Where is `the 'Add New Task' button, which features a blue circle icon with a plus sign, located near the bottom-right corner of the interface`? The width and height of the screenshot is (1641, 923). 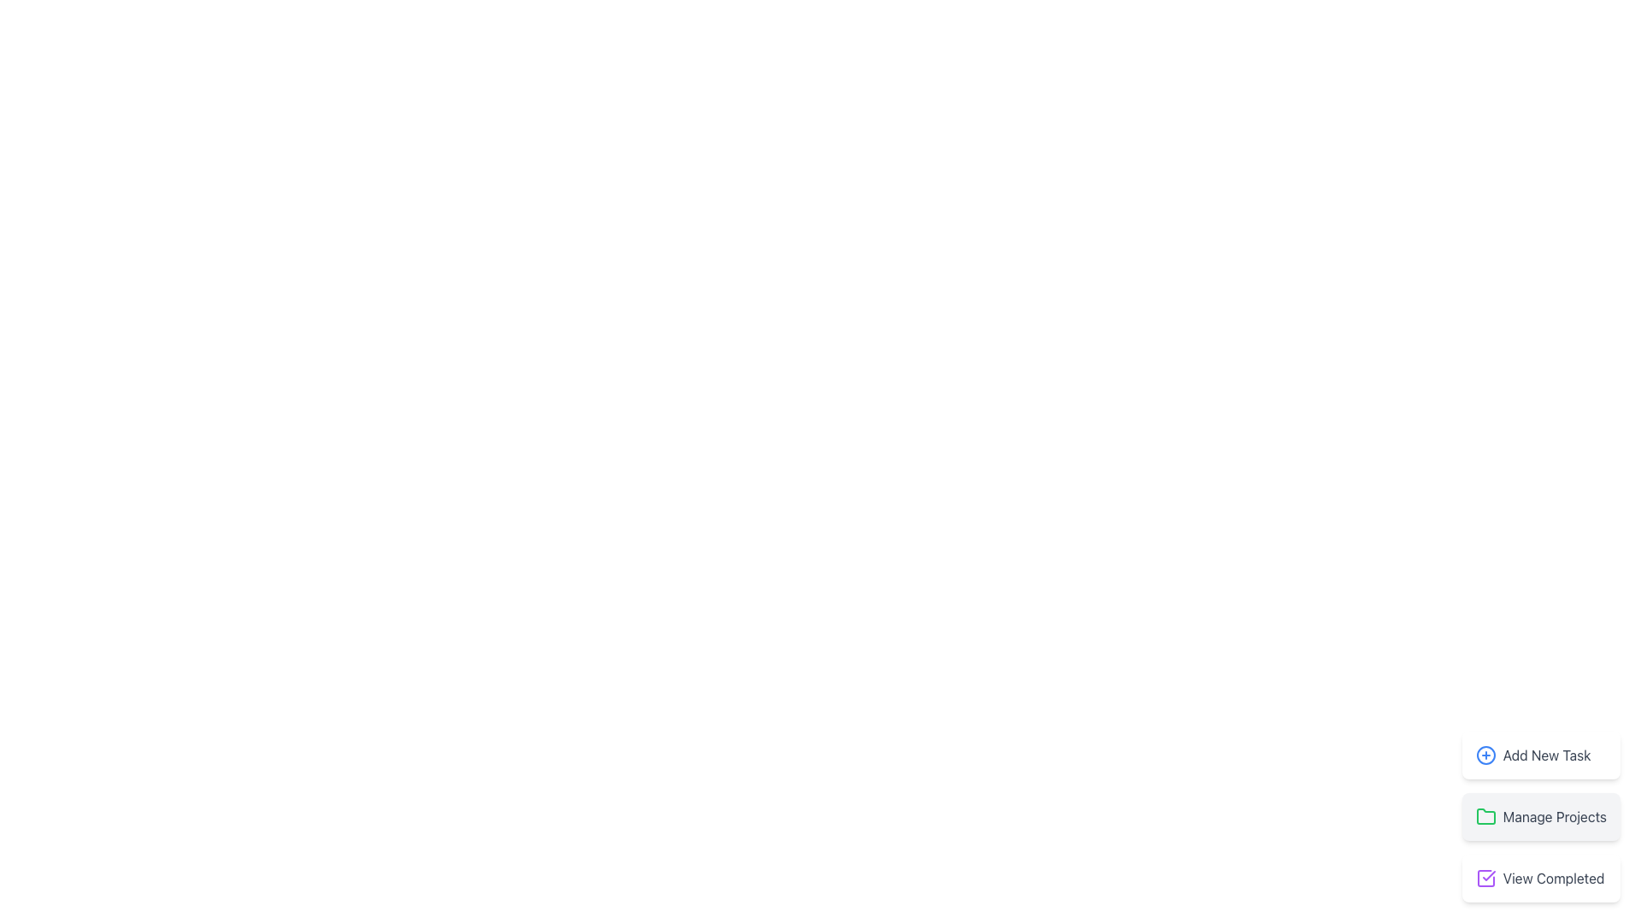
the 'Add New Task' button, which features a blue circle icon with a plus sign, located near the bottom-right corner of the interface is located at coordinates (1541, 754).